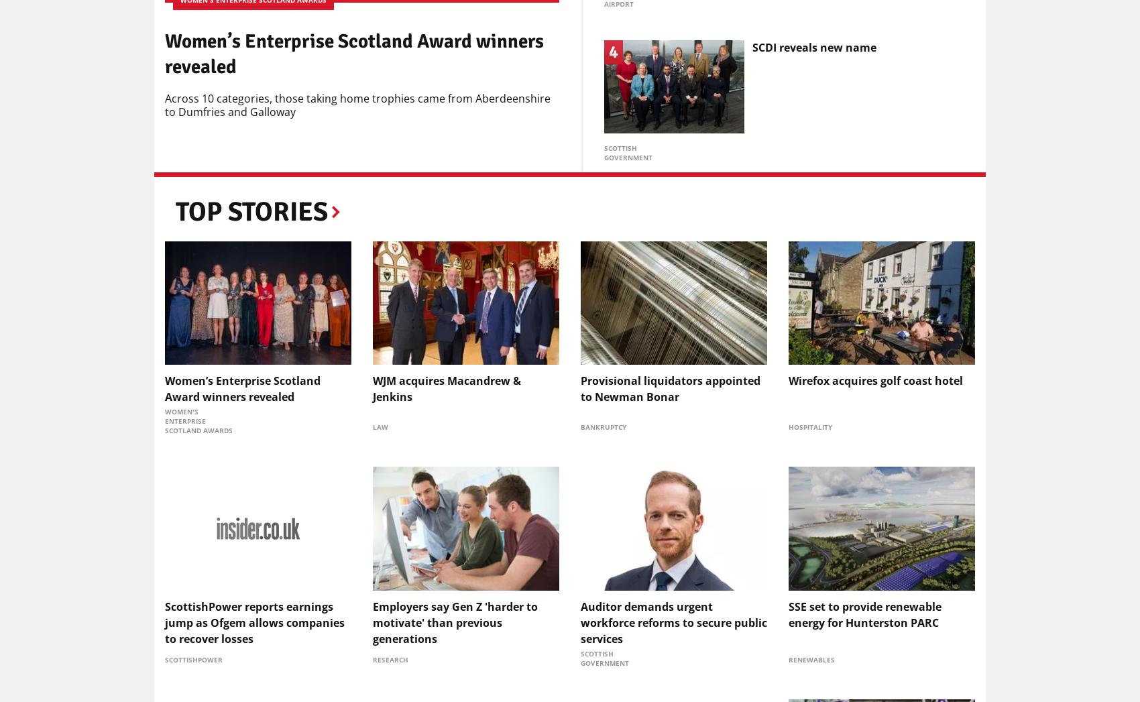 This screenshot has width=1140, height=702. I want to click on 'Employers say Gen Z 'harder to motivate' than previous generations', so click(455, 622).